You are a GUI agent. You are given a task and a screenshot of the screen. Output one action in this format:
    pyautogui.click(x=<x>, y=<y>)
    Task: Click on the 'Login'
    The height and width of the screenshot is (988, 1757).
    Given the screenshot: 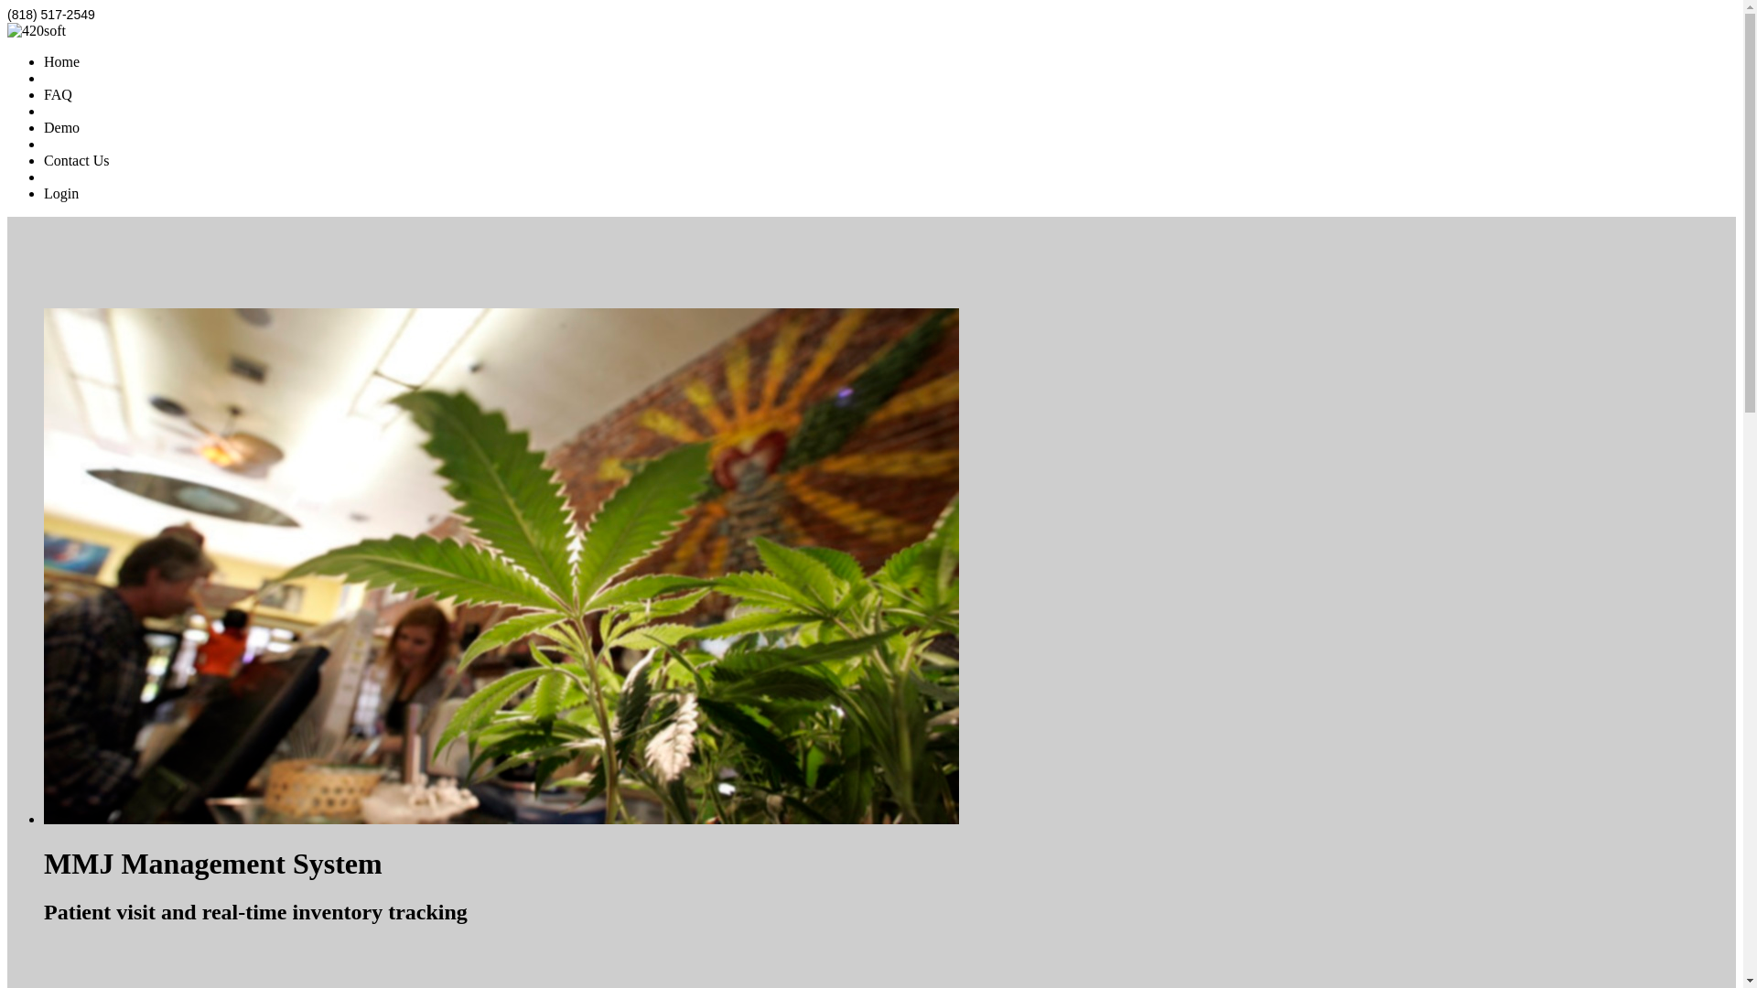 What is the action you would take?
    pyautogui.click(x=61, y=193)
    